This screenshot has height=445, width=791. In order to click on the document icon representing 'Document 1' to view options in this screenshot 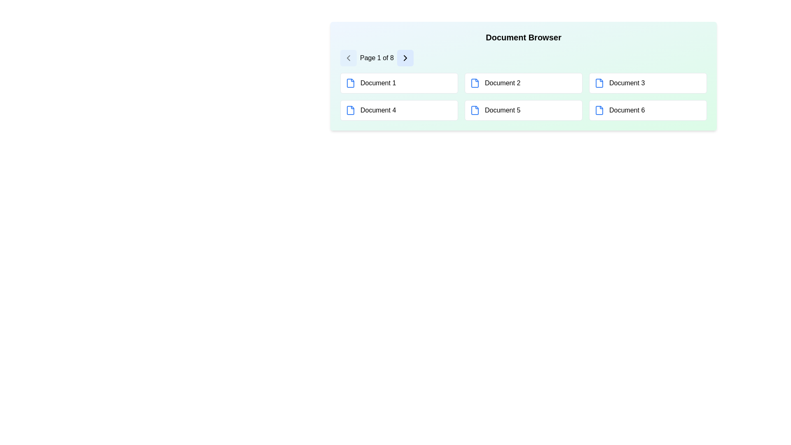, I will do `click(350, 83)`.